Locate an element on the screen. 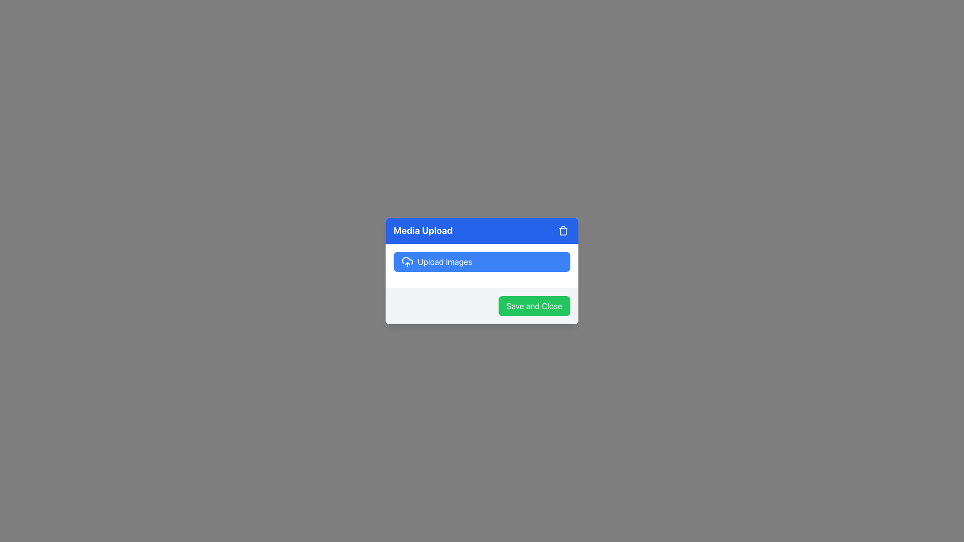 The image size is (964, 542). the interactive buttons in the 'Media Upload' modal dialog, which includes the 'Upload Images' button and the 'Save and Close' button is located at coordinates (482, 271).